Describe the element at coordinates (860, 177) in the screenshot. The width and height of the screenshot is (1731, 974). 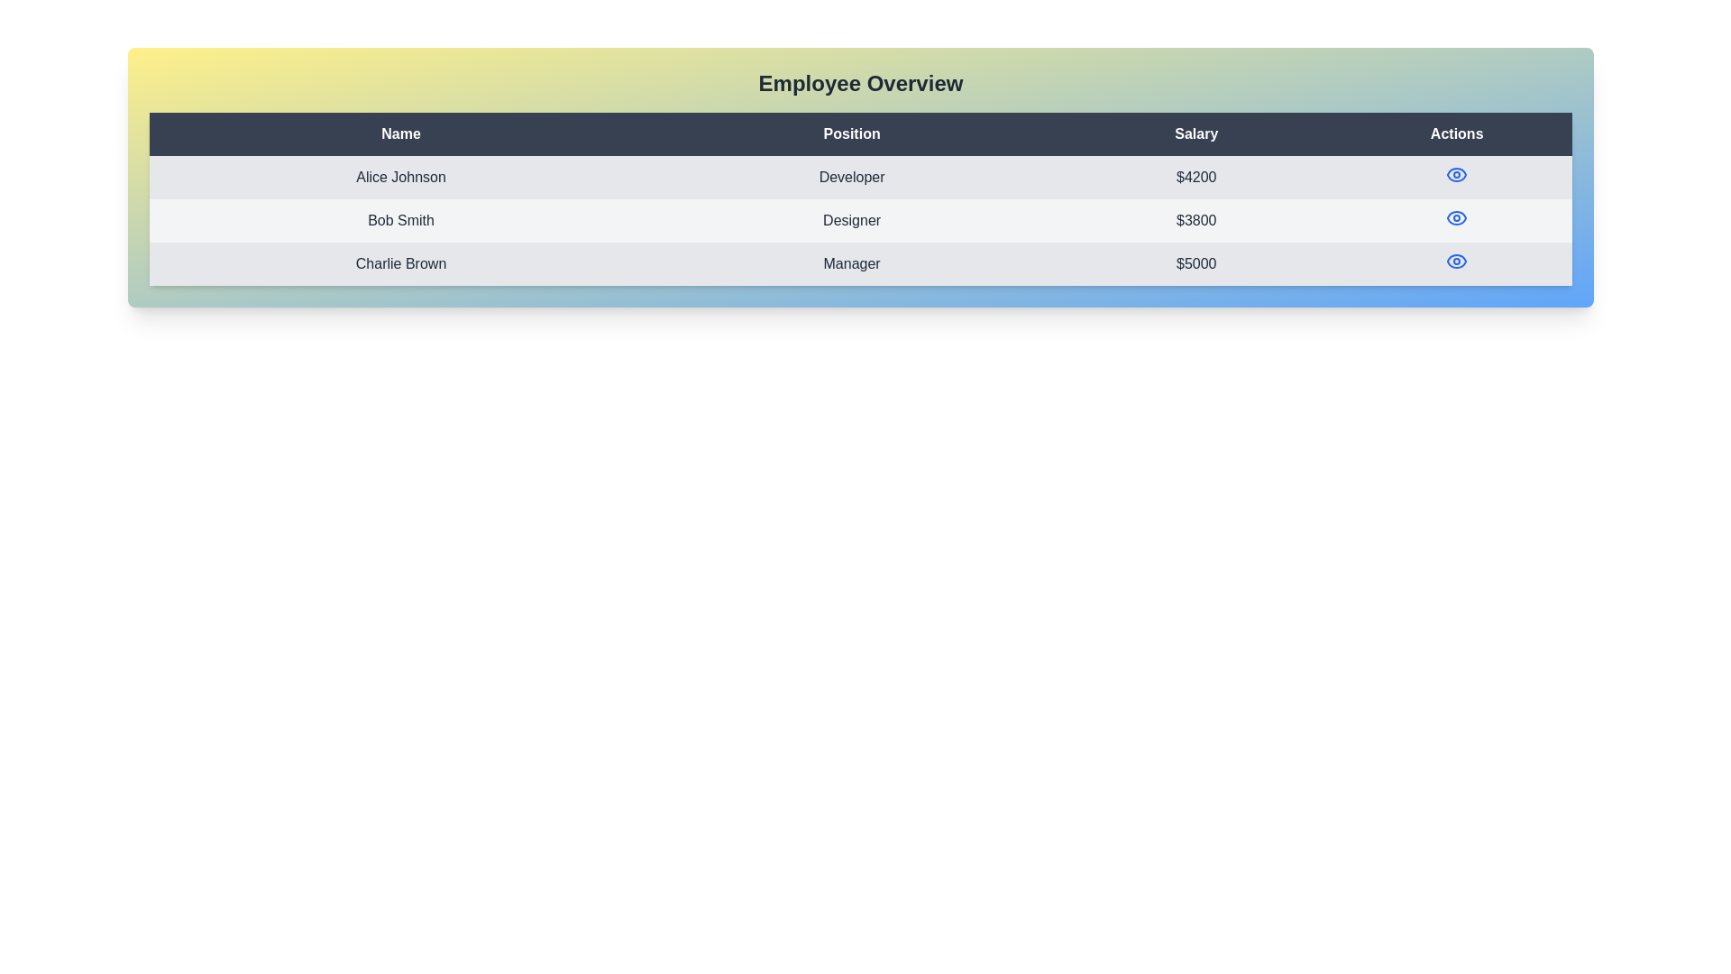
I see `interactive view action for the first table row containing 'Alice Johnson,' 'Developer,' and '$4200.'` at that location.